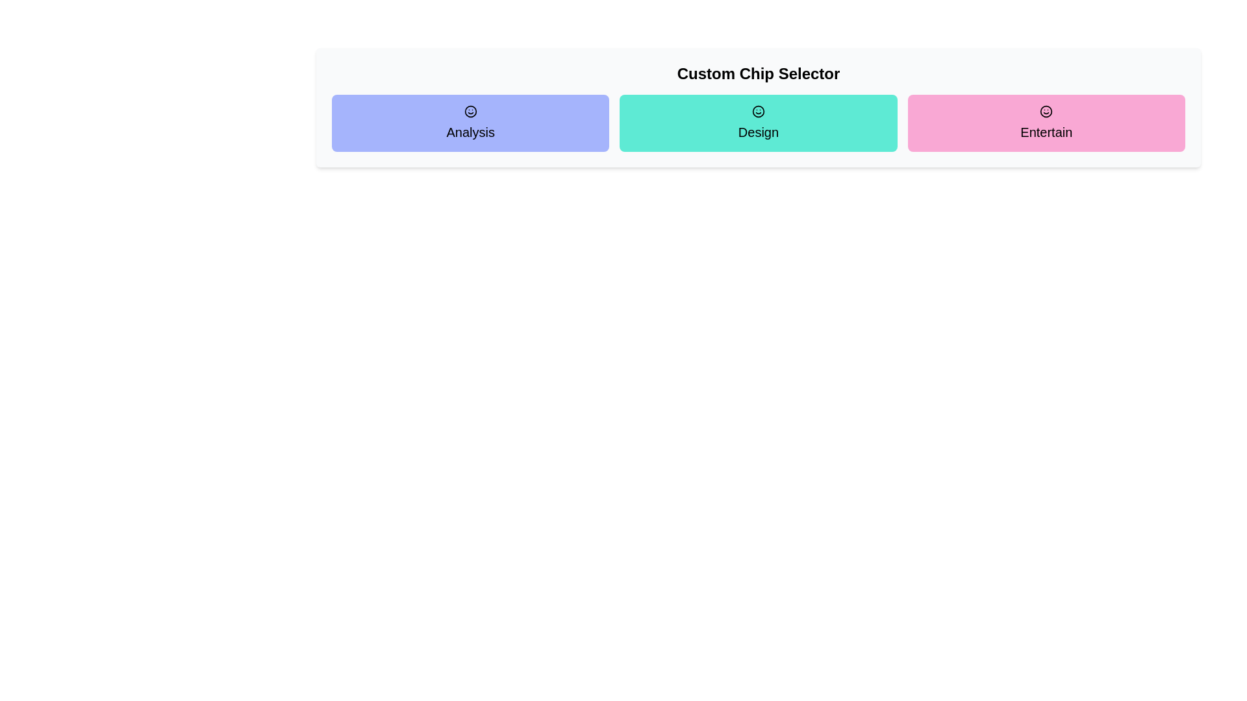  Describe the element at coordinates (498, 0) in the screenshot. I see `the background of the component` at that location.